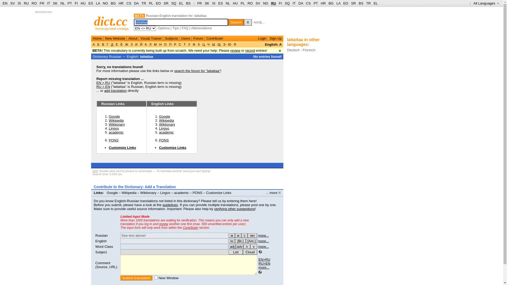 The width and height of the screenshot is (507, 285). Describe the element at coordinates (251, 241) in the screenshot. I see `'(esp.) American English'` at that location.